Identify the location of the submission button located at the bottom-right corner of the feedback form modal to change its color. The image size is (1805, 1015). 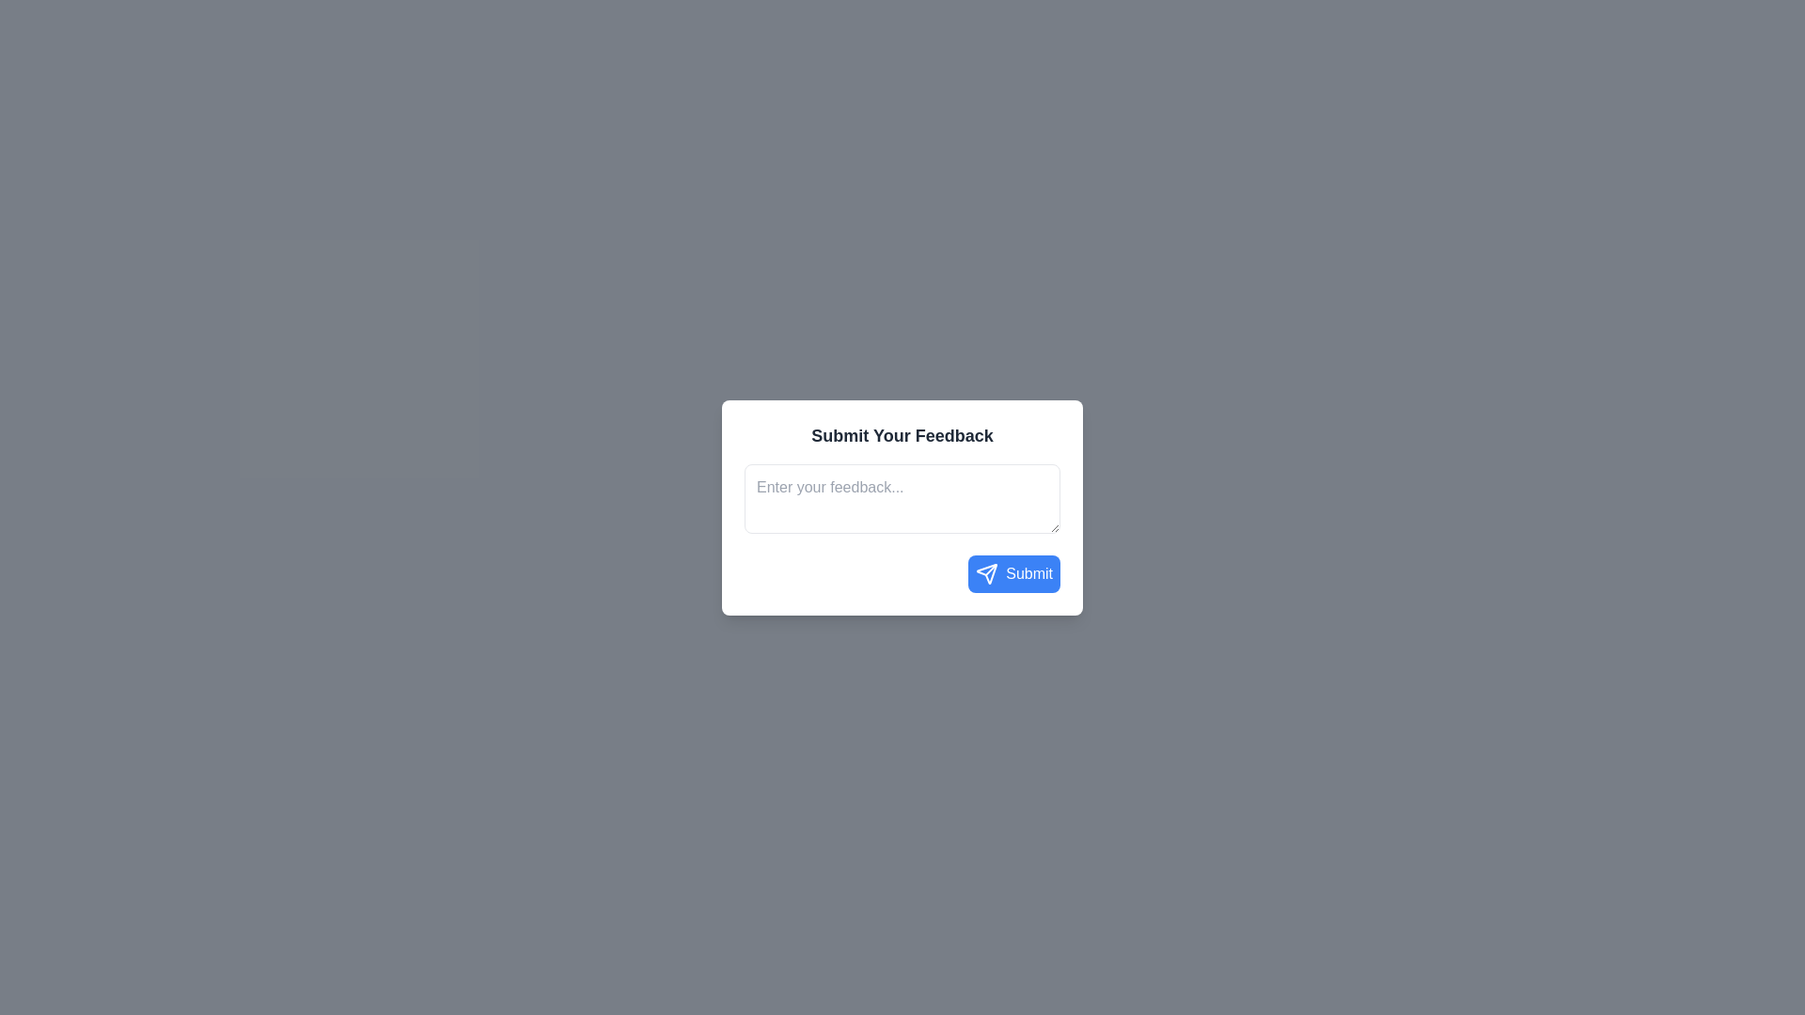
(1013, 572).